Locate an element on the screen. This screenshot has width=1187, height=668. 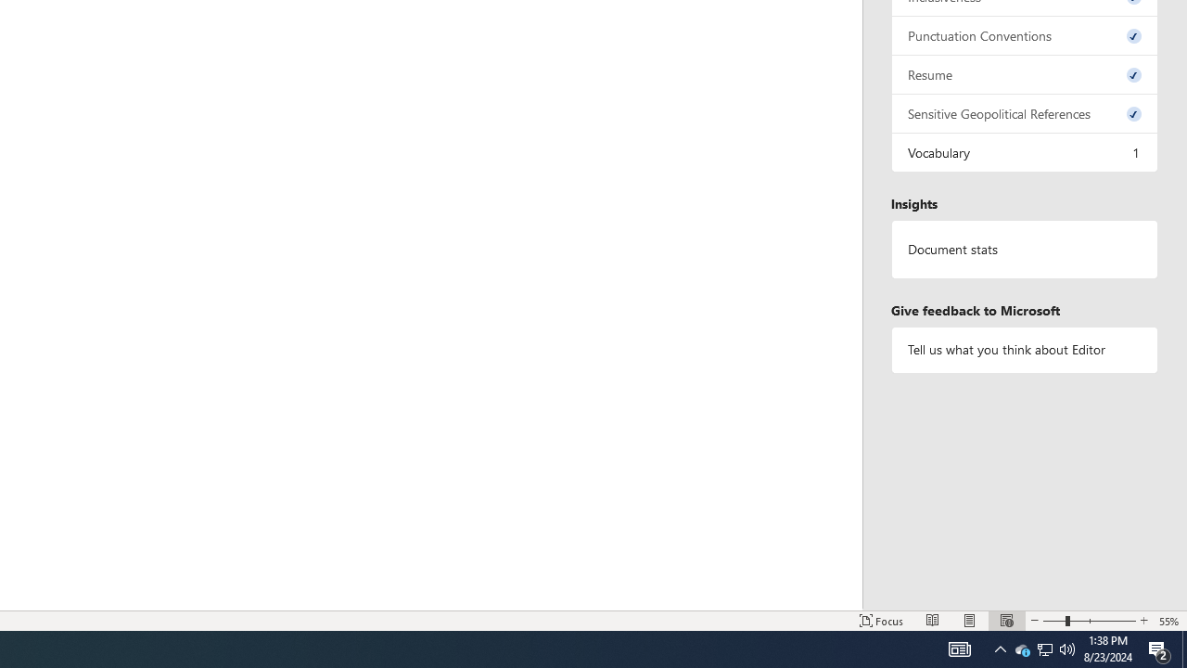
'Resume, 0 issues. Press space or enter to review items.' is located at coordinates (1024, 73).